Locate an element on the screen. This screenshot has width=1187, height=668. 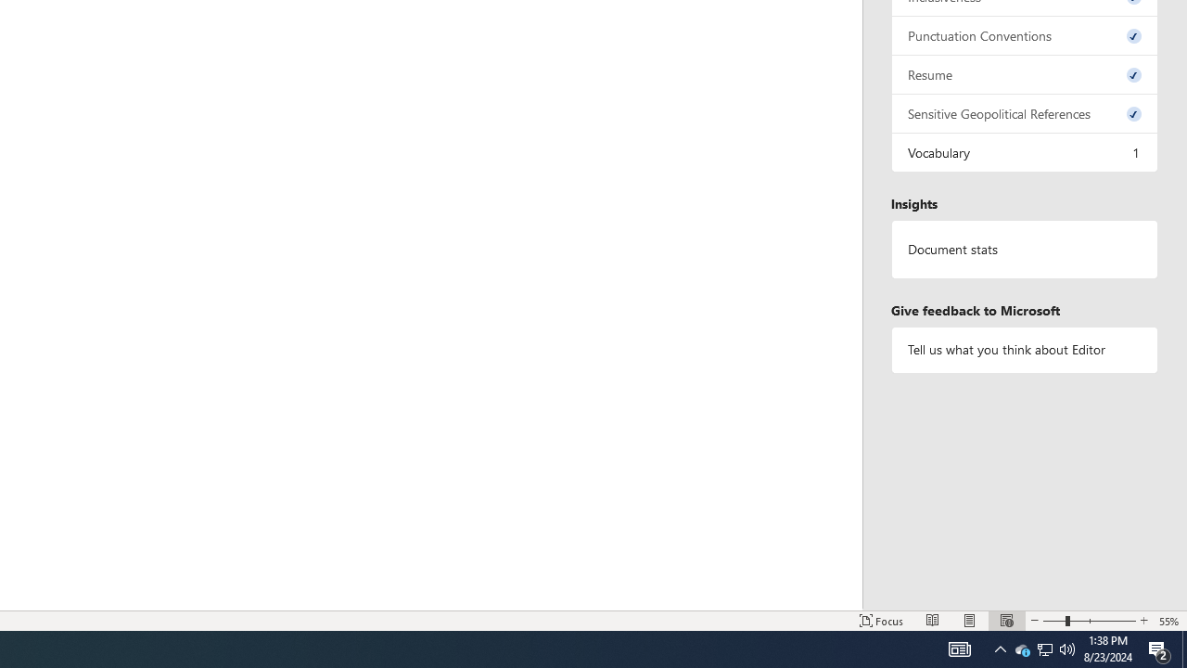
'Resume, 0 issues. Press space or enter to review items.' is located at coordinates (1024, 73).